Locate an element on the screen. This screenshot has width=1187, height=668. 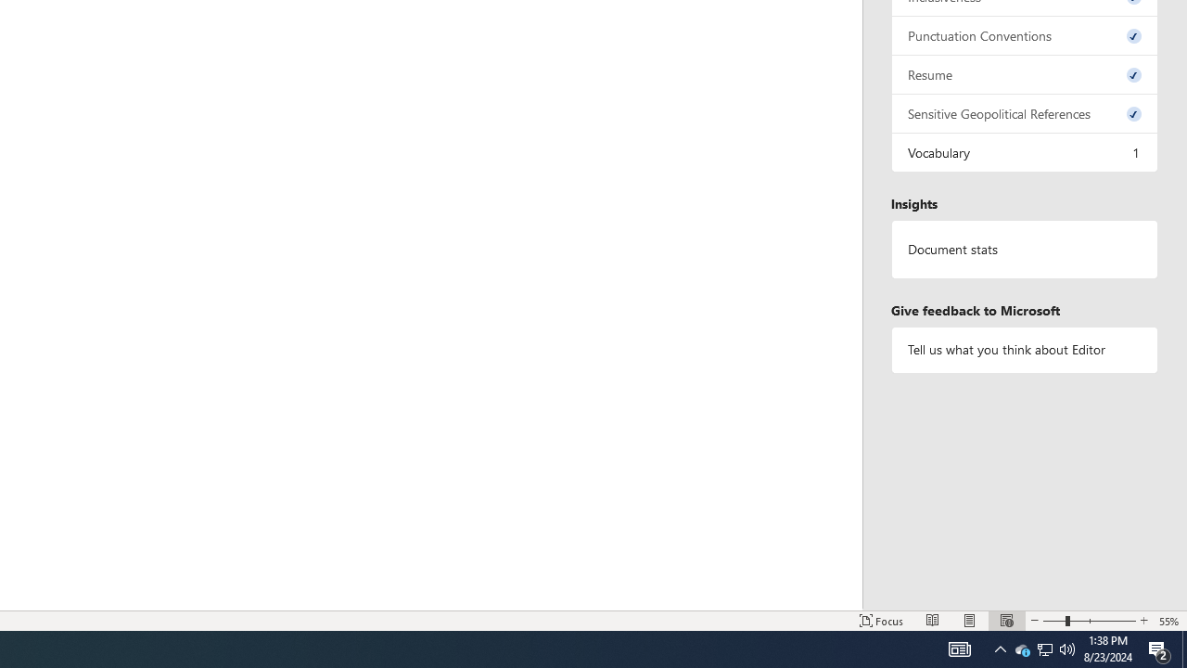
'Resume, 0 issues. Press space or enter to review items.' is located at coordinates (1024, 73).